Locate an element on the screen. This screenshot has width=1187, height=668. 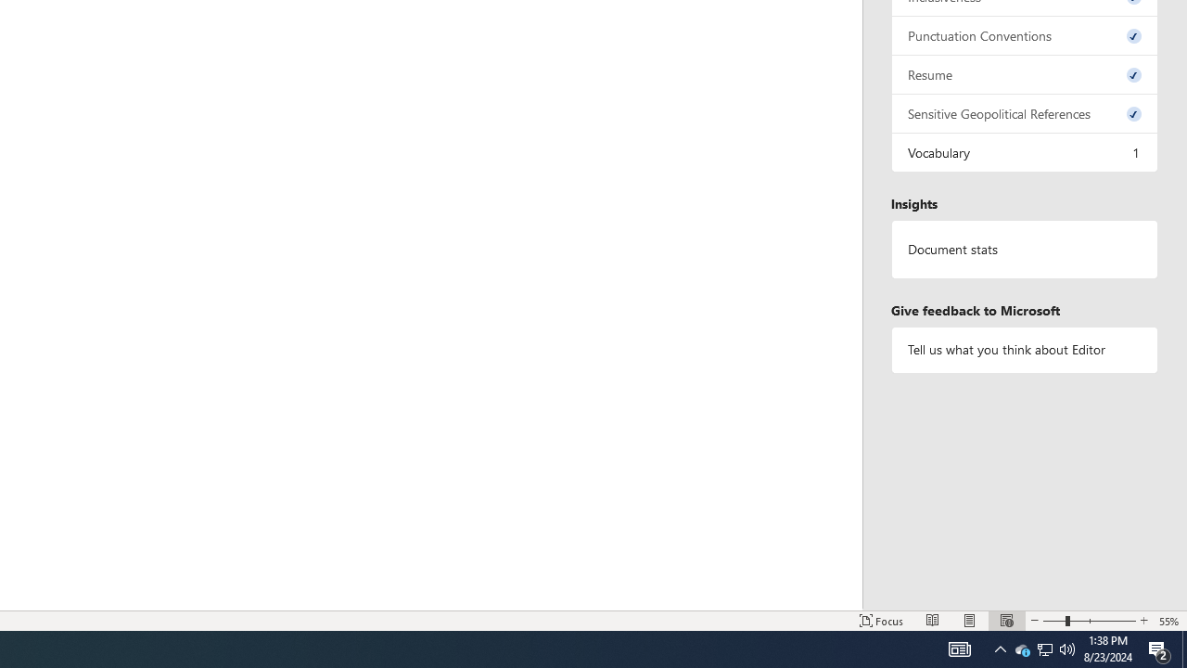
'Resume, 0 issues. Press space or enter to review items.' is located at coordinates (1024, 73).